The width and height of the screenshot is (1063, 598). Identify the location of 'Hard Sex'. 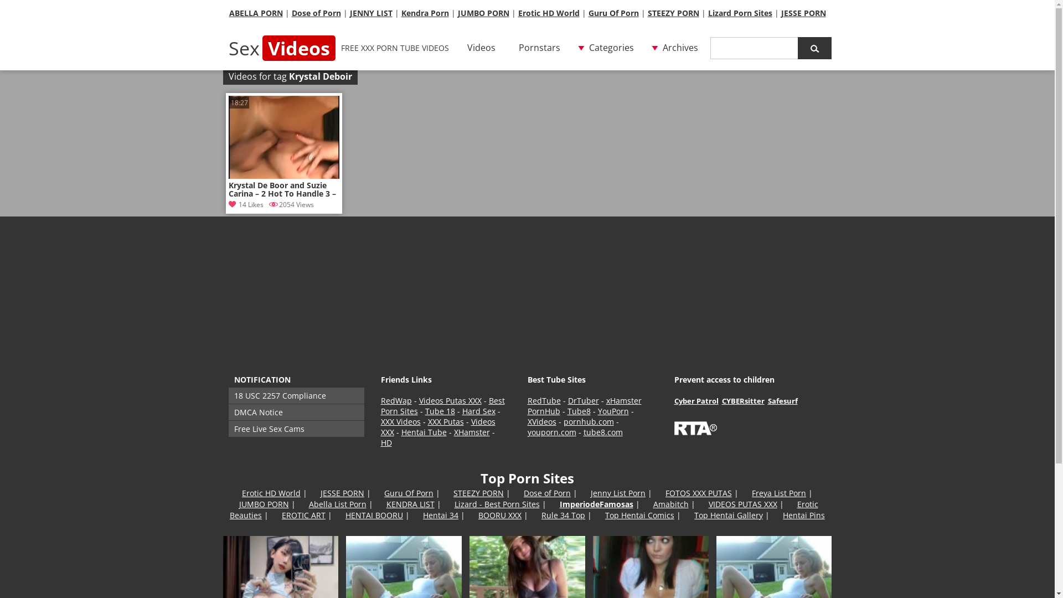
(478, 411).